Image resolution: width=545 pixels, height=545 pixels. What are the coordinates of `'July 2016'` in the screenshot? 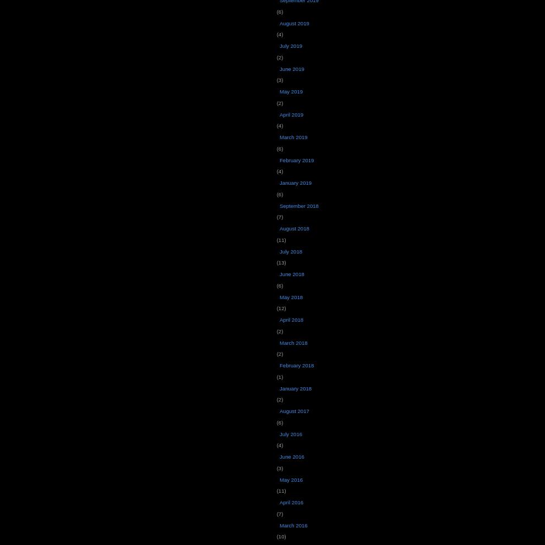 It's located at (279, 433).